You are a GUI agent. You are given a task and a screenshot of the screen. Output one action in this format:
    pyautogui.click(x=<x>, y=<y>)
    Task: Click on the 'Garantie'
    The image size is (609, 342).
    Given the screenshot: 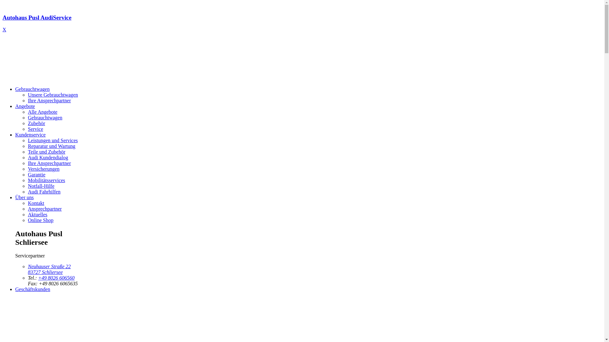 What is the action you would take?
    pyautogui.click(x=36, y=174)
    